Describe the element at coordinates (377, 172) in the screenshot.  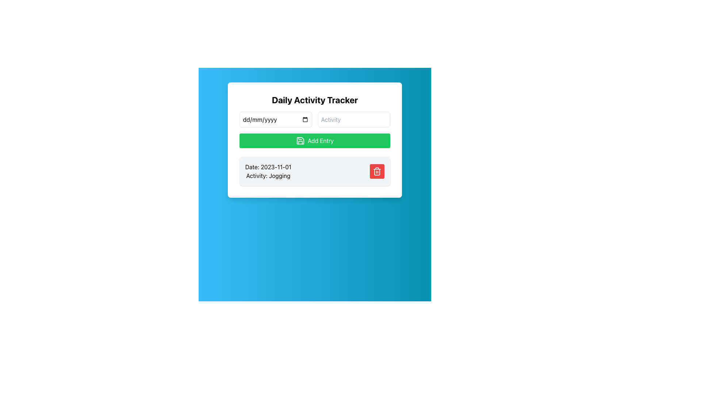
I see `the trash icon component of the delete button, which is used to remove the associated activity entry, located beneath the 'Add Entry' button` at that location.